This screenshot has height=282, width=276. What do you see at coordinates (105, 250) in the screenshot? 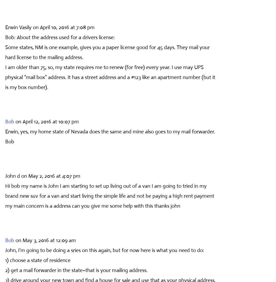
I see `'John, I’m going to be doing a sries on this again, but for now here is what you need to do:'` at bounding box center [105, 250].